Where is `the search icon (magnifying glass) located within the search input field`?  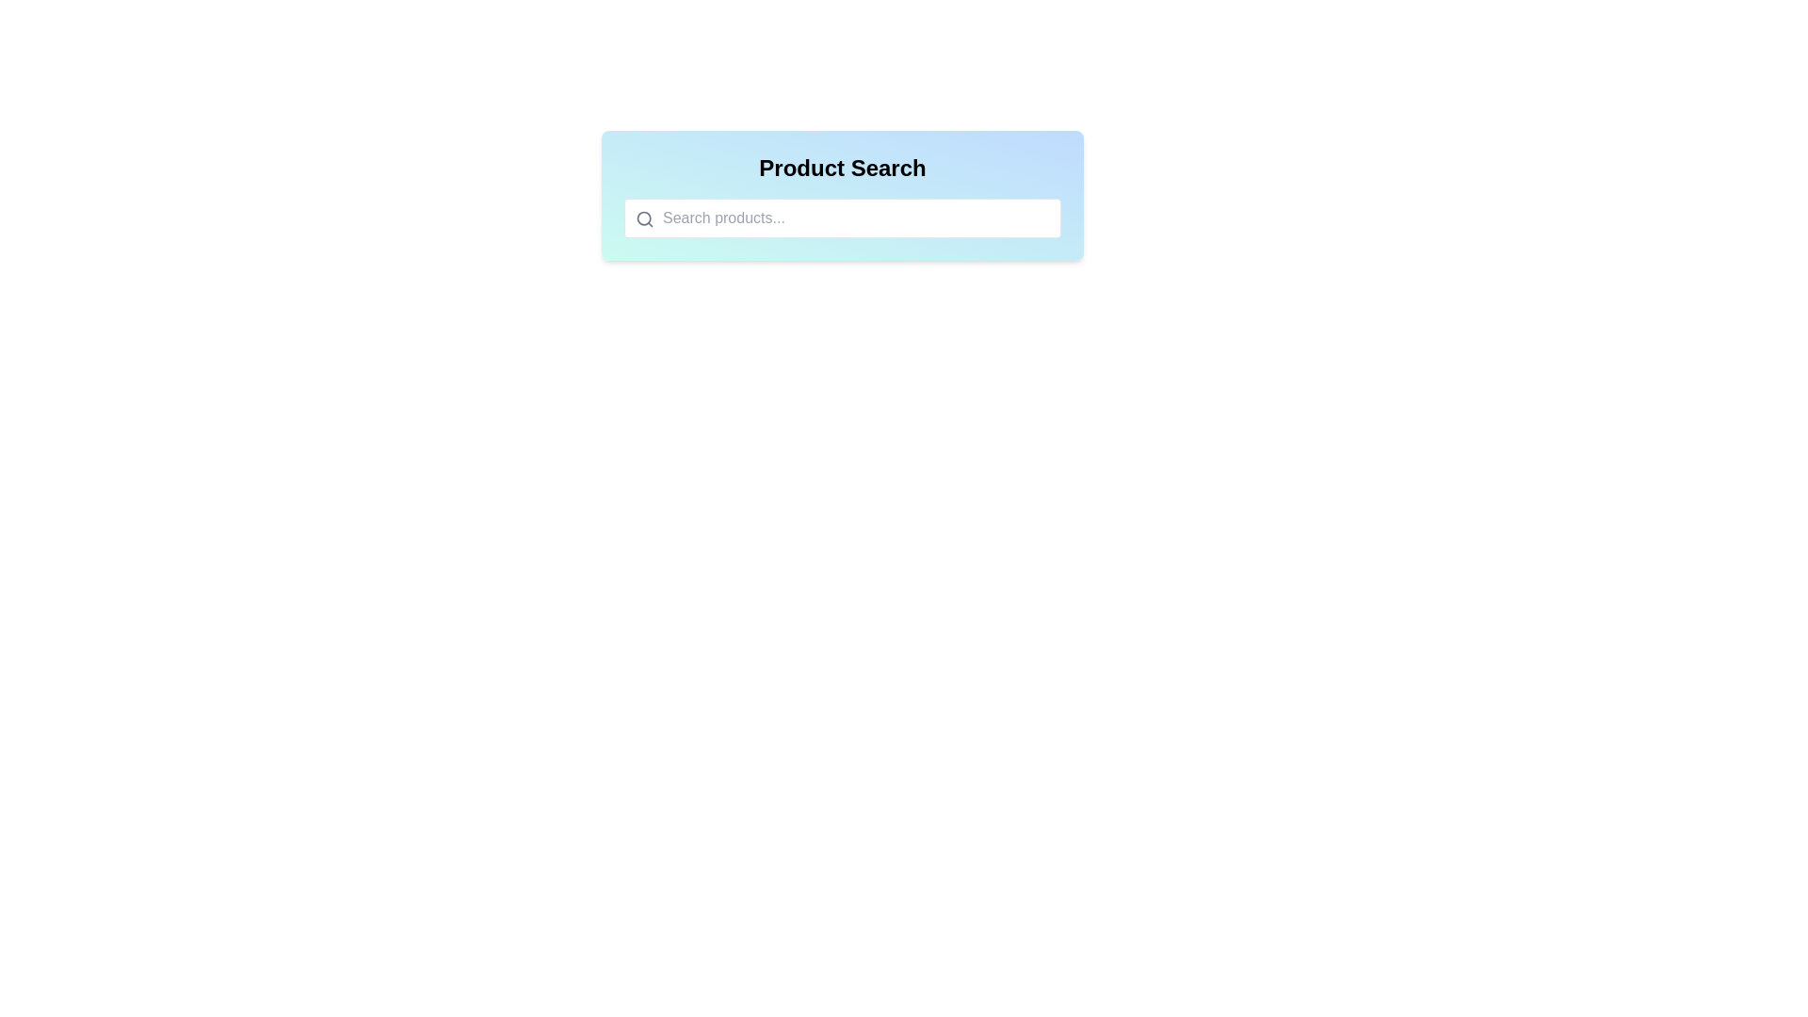 the search icon (magnifying glass) located within the search input field is located at coordinates (645, 218).